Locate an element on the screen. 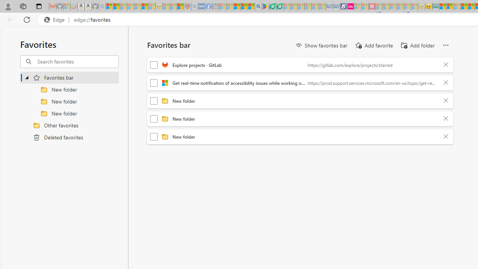 This screenshot has width=478, height=269. 'Add folder' is located at coordinates (417, 46).